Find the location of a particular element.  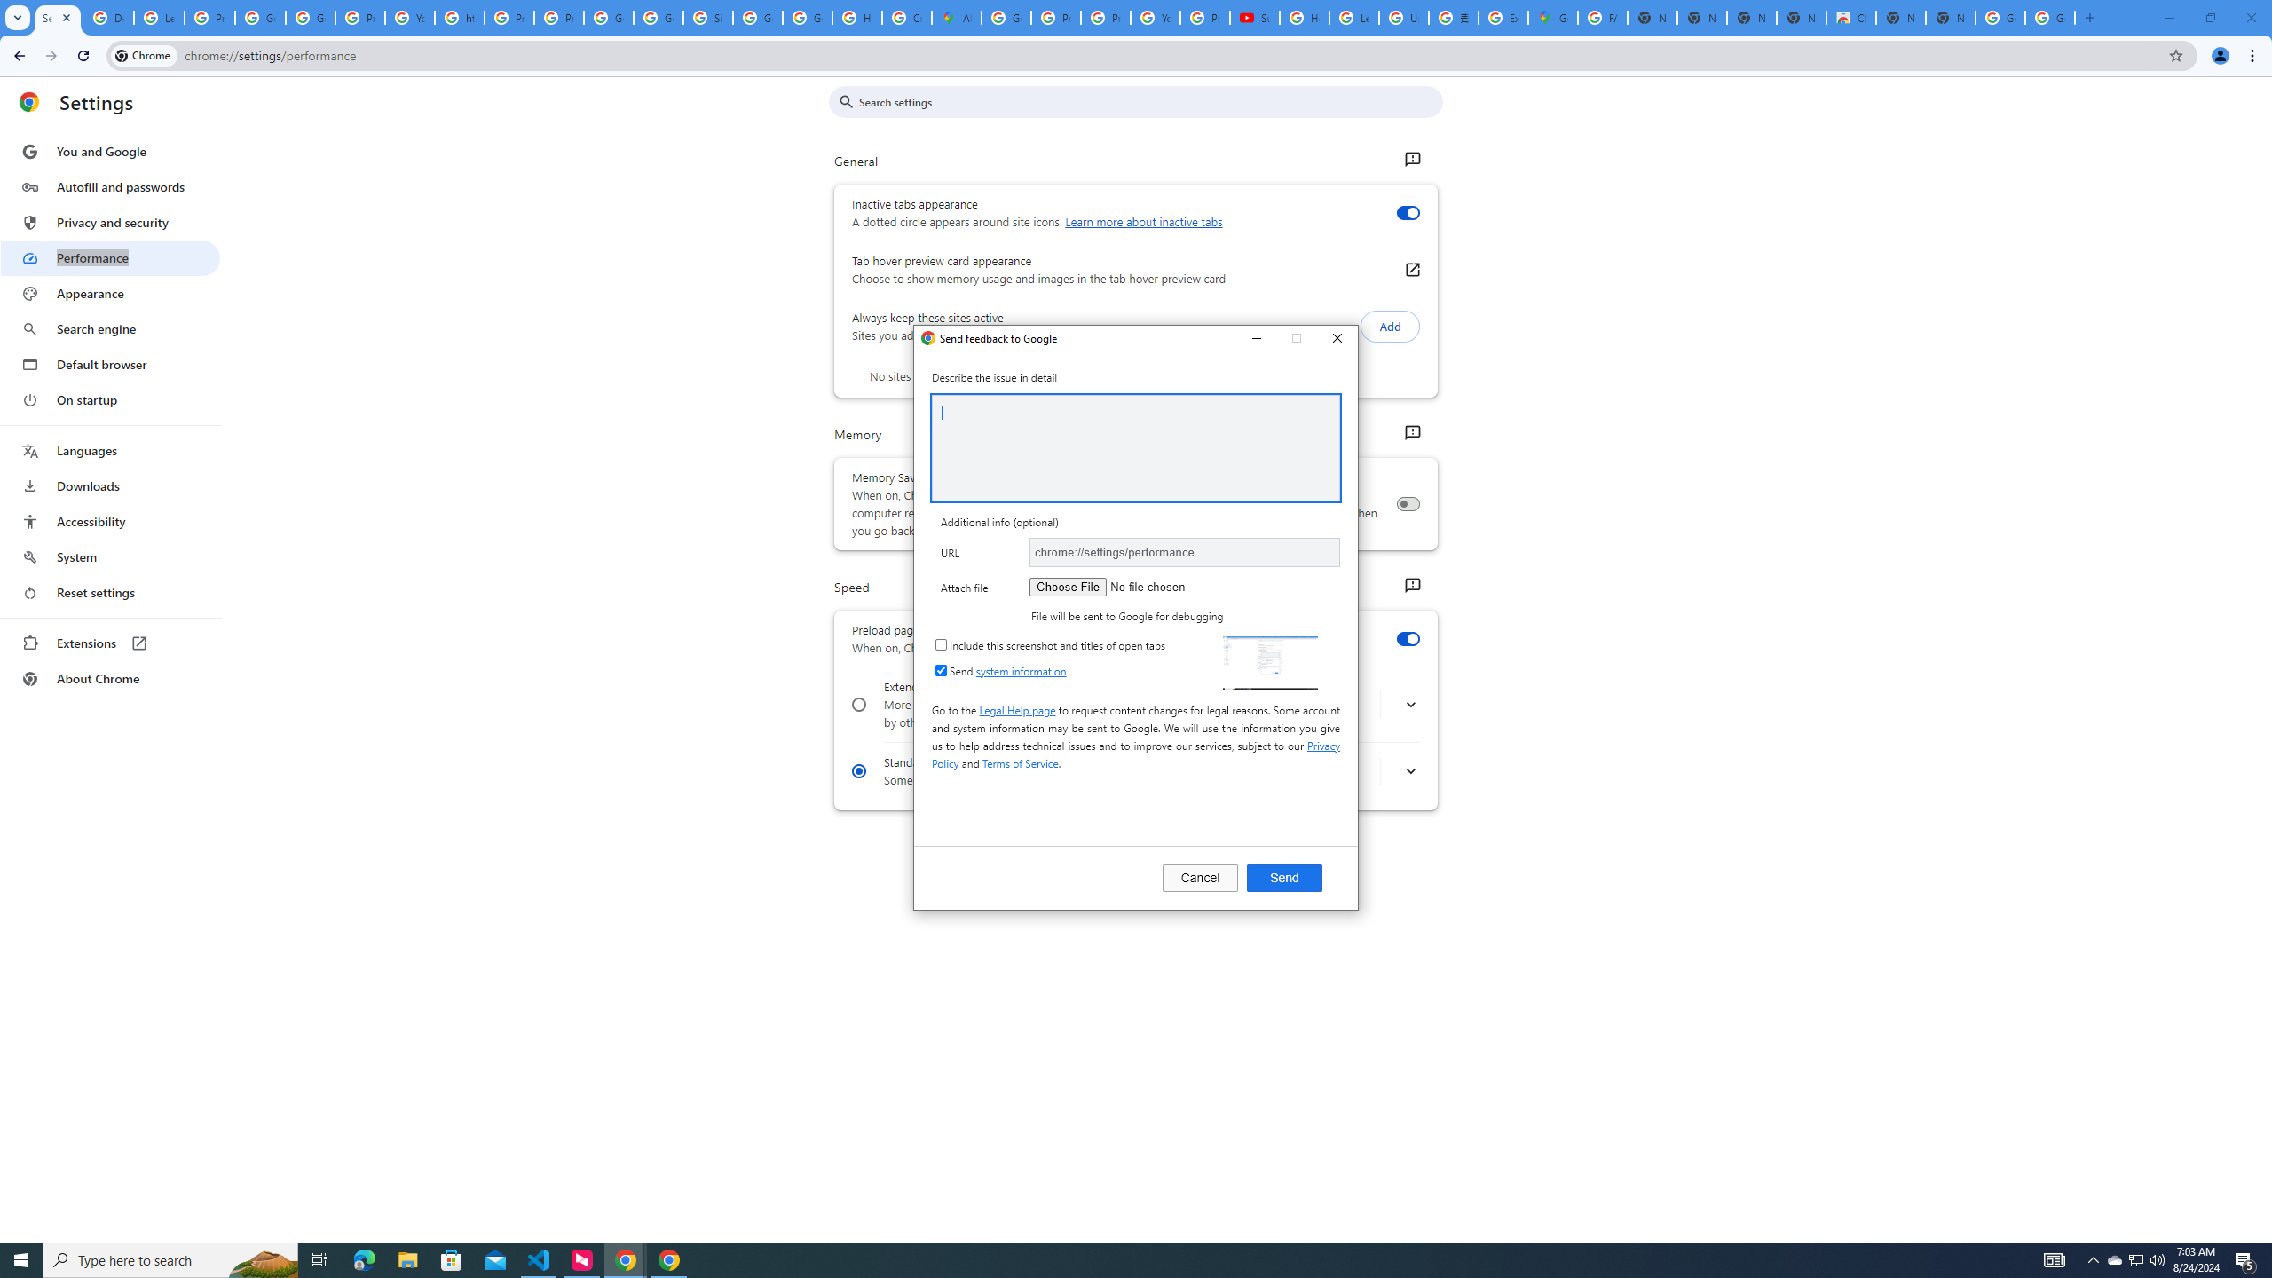

'Legal Help page' is located at coordinates (1016, 708).